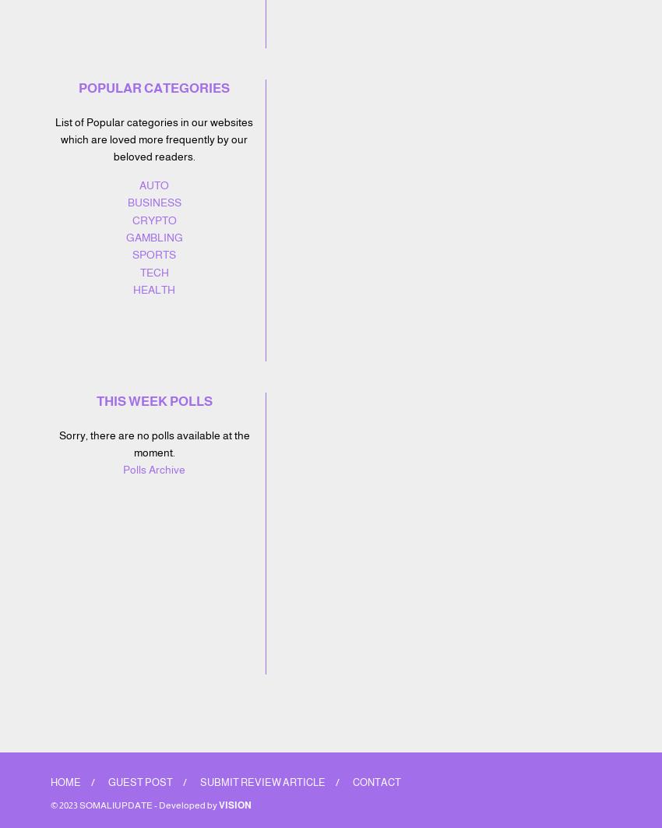  I want to click on '© 2023 SOMALIUPDATE - Developed by', so click(133, 804).